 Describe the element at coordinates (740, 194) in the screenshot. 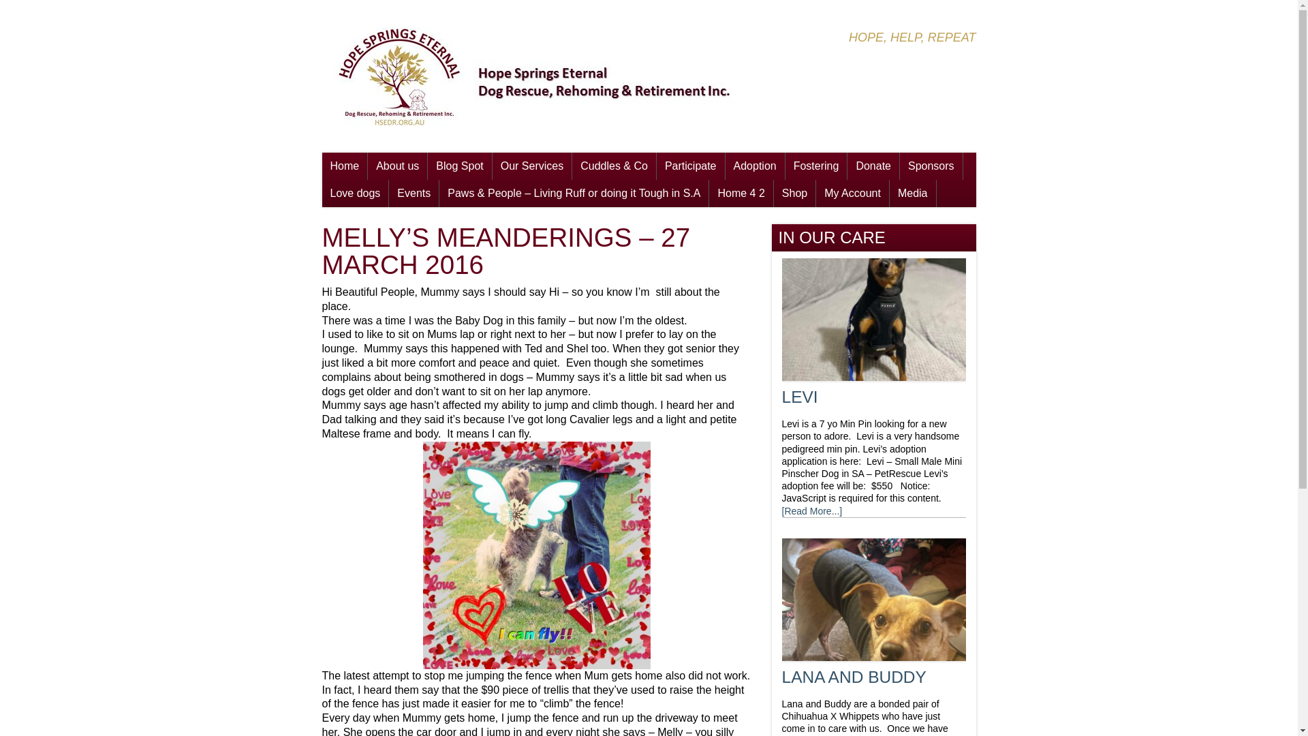

I see `'Home 4 2'` at that location.